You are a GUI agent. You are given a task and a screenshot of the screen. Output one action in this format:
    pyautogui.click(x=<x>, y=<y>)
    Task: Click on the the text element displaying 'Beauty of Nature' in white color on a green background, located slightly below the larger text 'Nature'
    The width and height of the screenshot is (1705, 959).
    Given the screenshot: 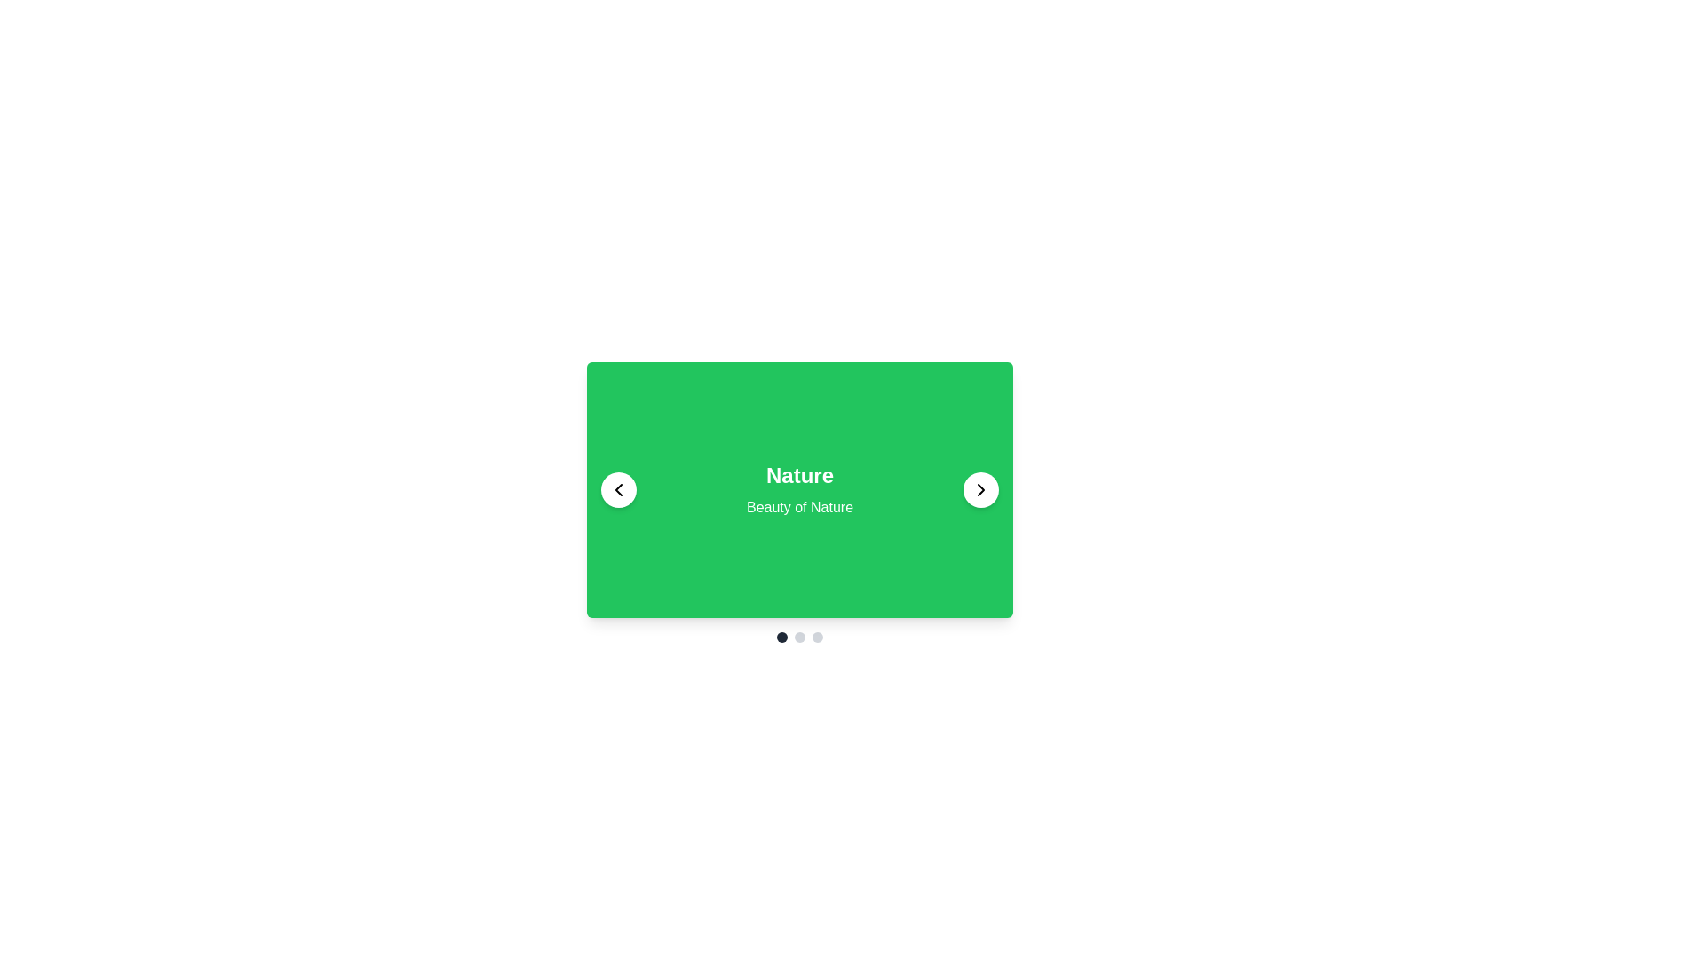 What is the action you would take?
    pyautogui.click(x=799, y=507)
    